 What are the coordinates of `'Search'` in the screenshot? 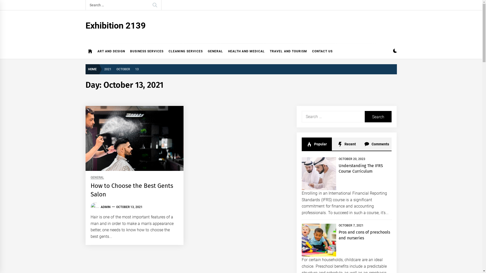 It's located at (378, 117).